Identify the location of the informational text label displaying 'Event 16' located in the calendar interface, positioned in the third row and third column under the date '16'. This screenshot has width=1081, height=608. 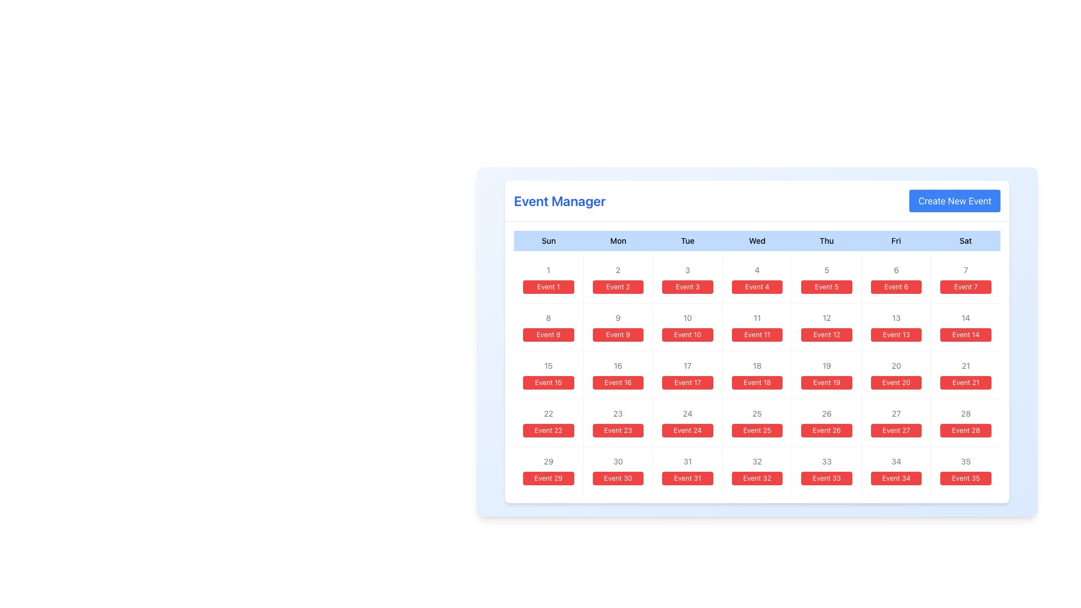
(617, 382).